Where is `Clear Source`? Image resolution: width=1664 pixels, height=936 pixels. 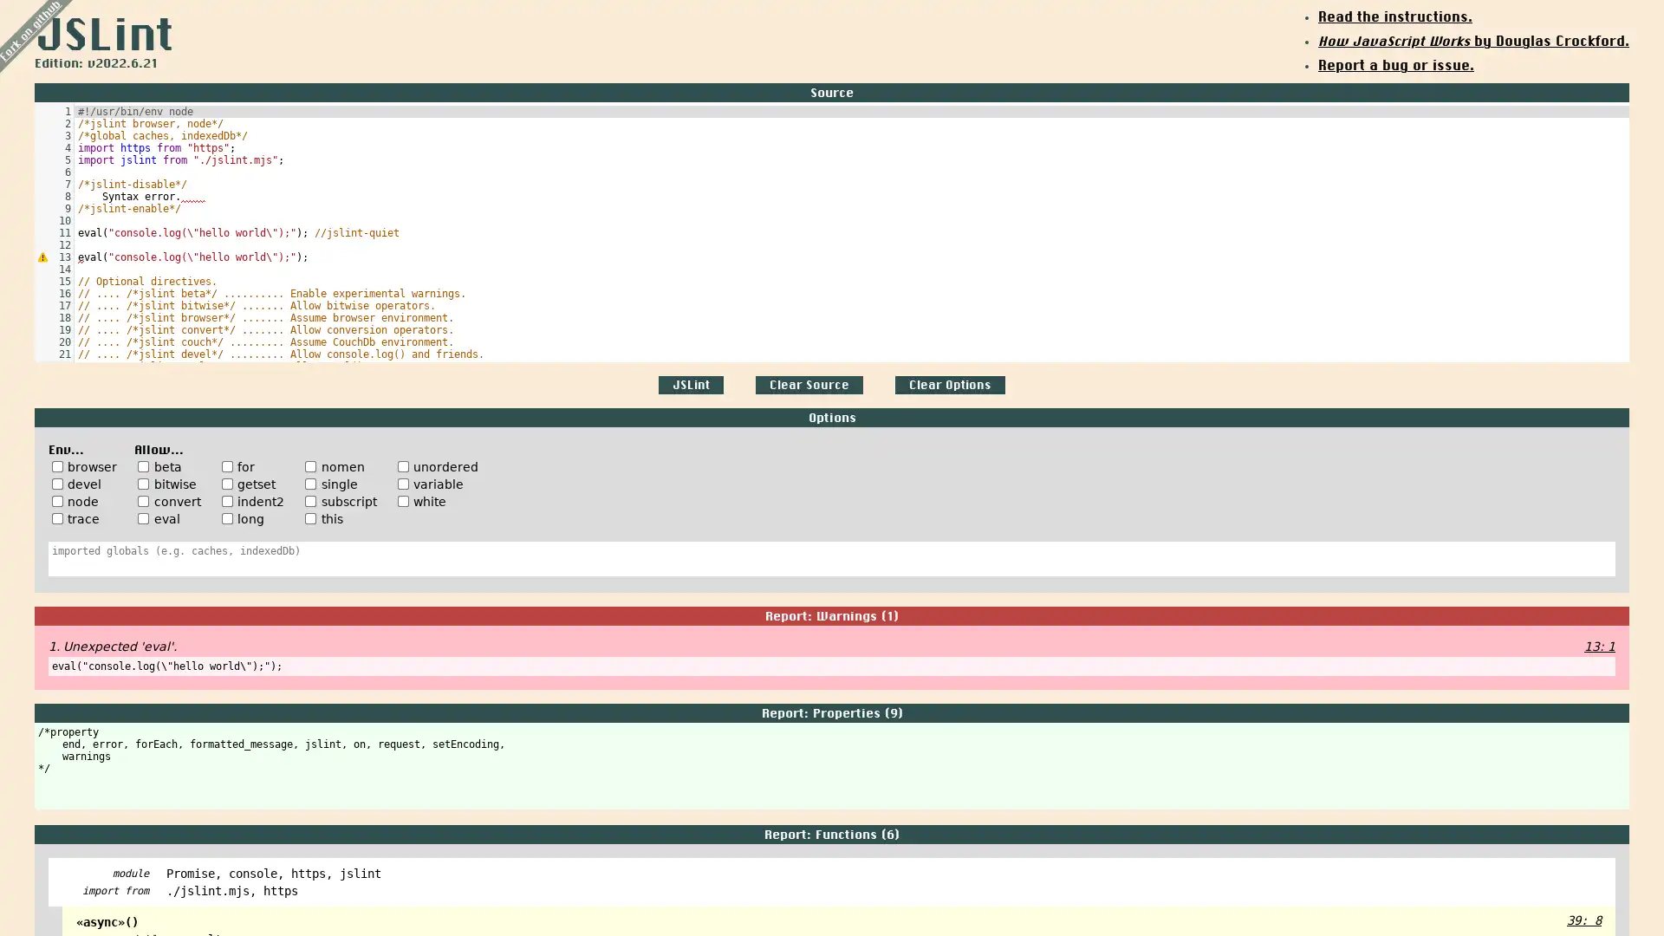
Clear Source is located at coordinates (809, 384).